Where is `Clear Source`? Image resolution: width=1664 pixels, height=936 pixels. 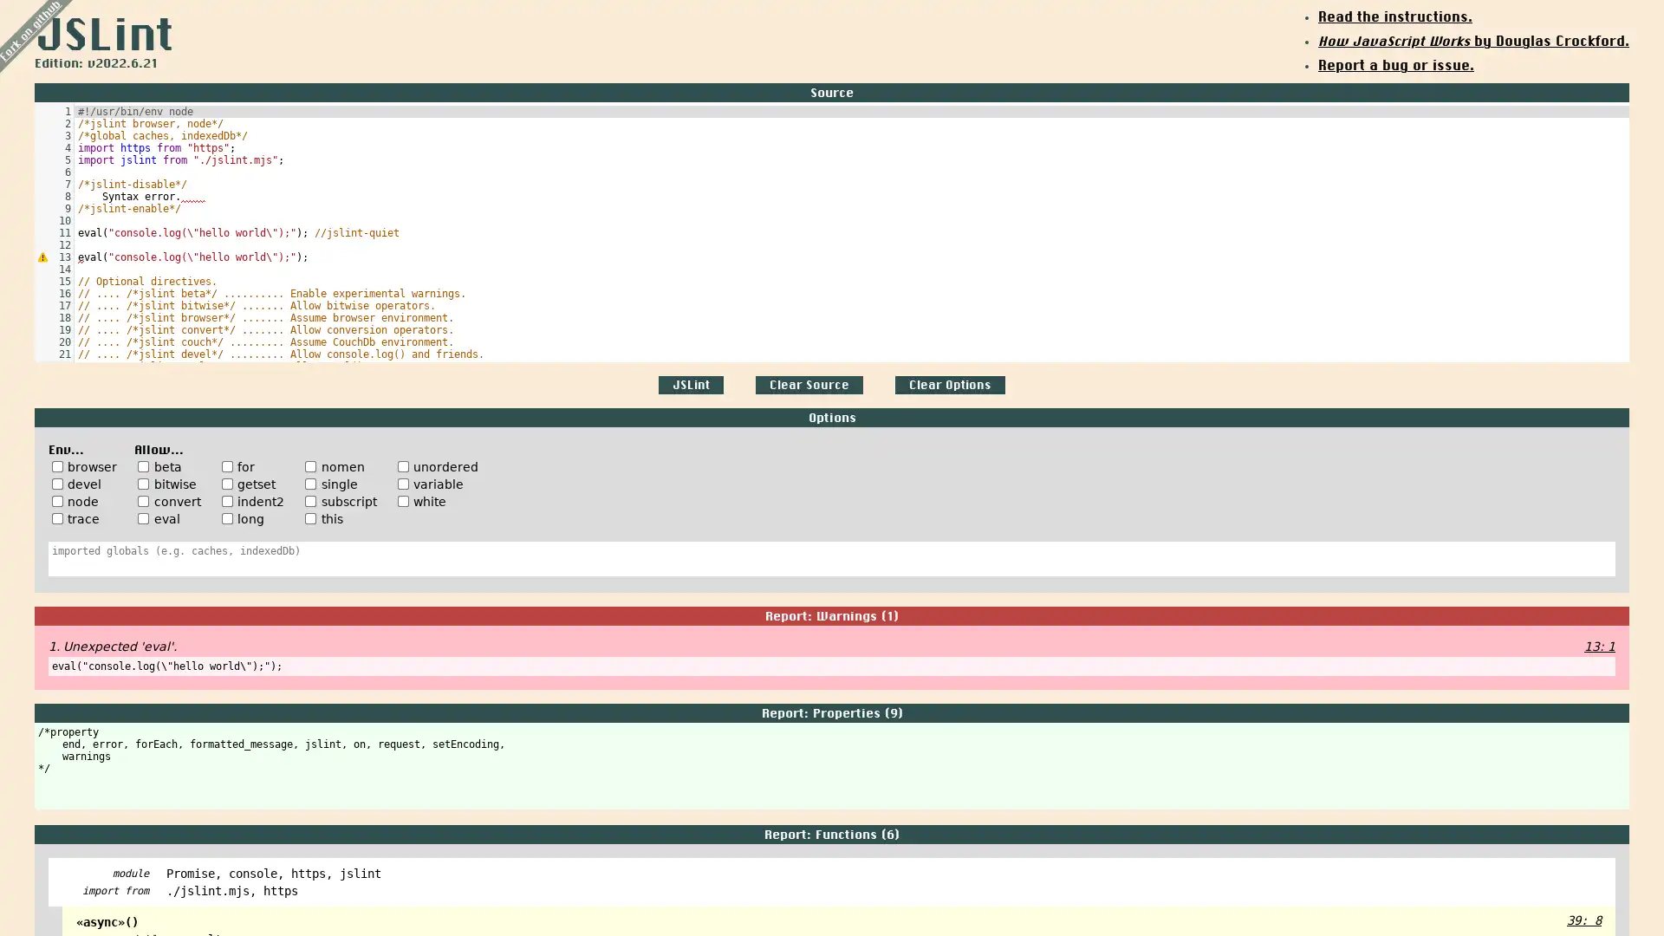
Clear Source is located at coordinates (809, 384).